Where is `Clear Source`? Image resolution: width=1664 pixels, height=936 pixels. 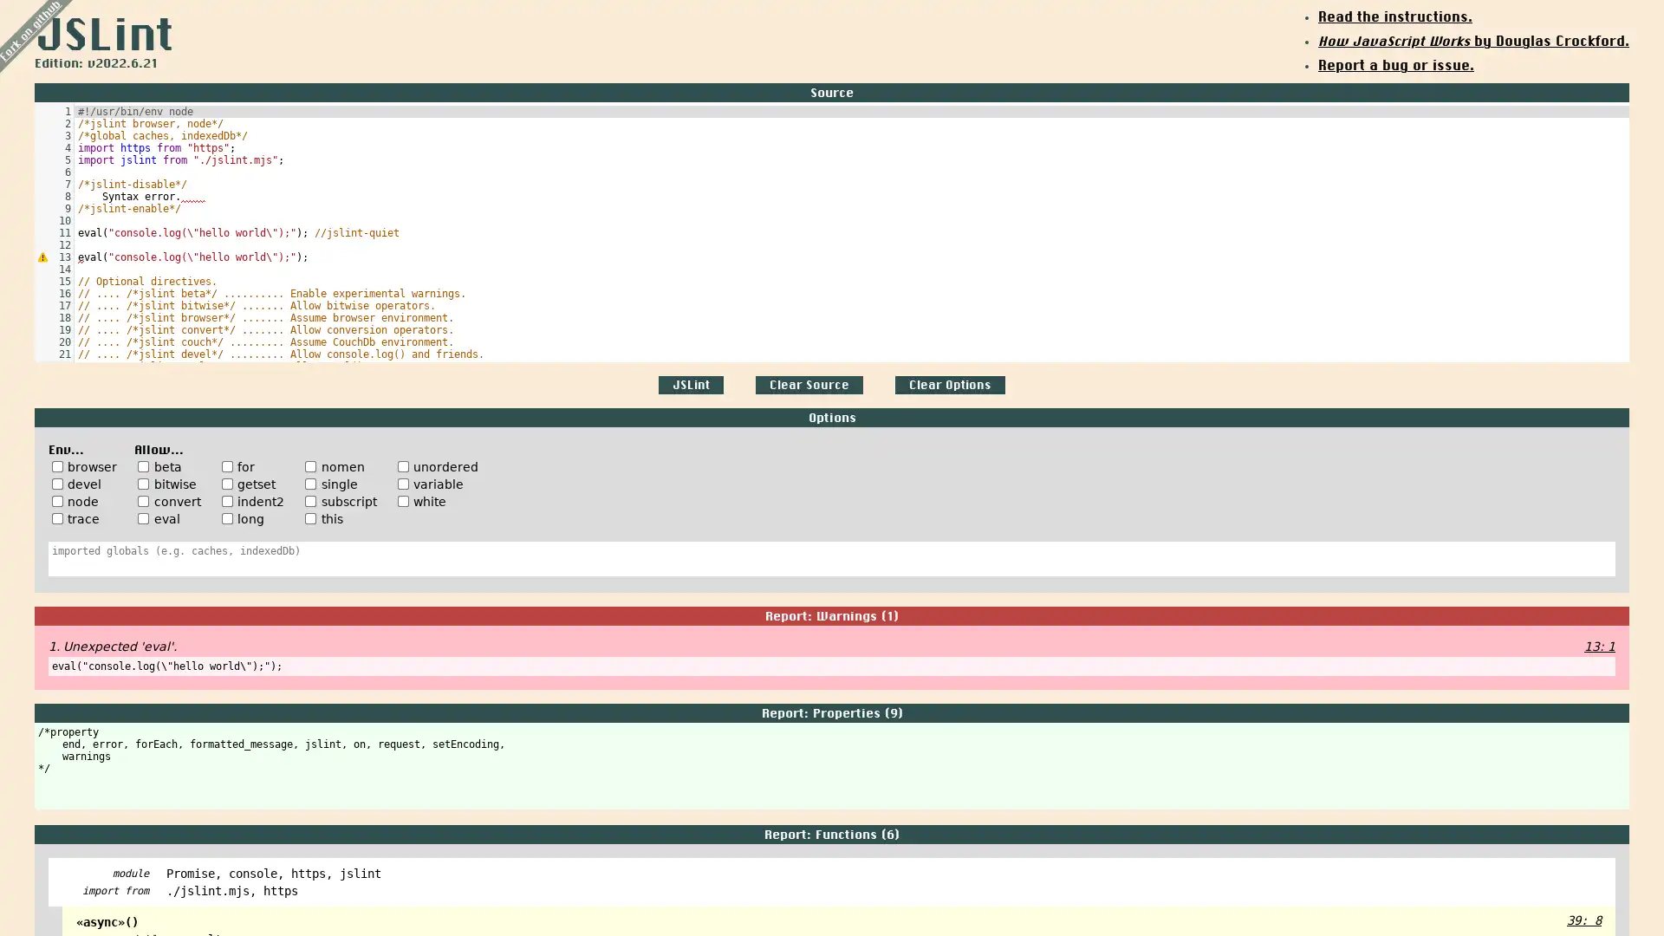
Clear Source is located at coordinates (809, 384).